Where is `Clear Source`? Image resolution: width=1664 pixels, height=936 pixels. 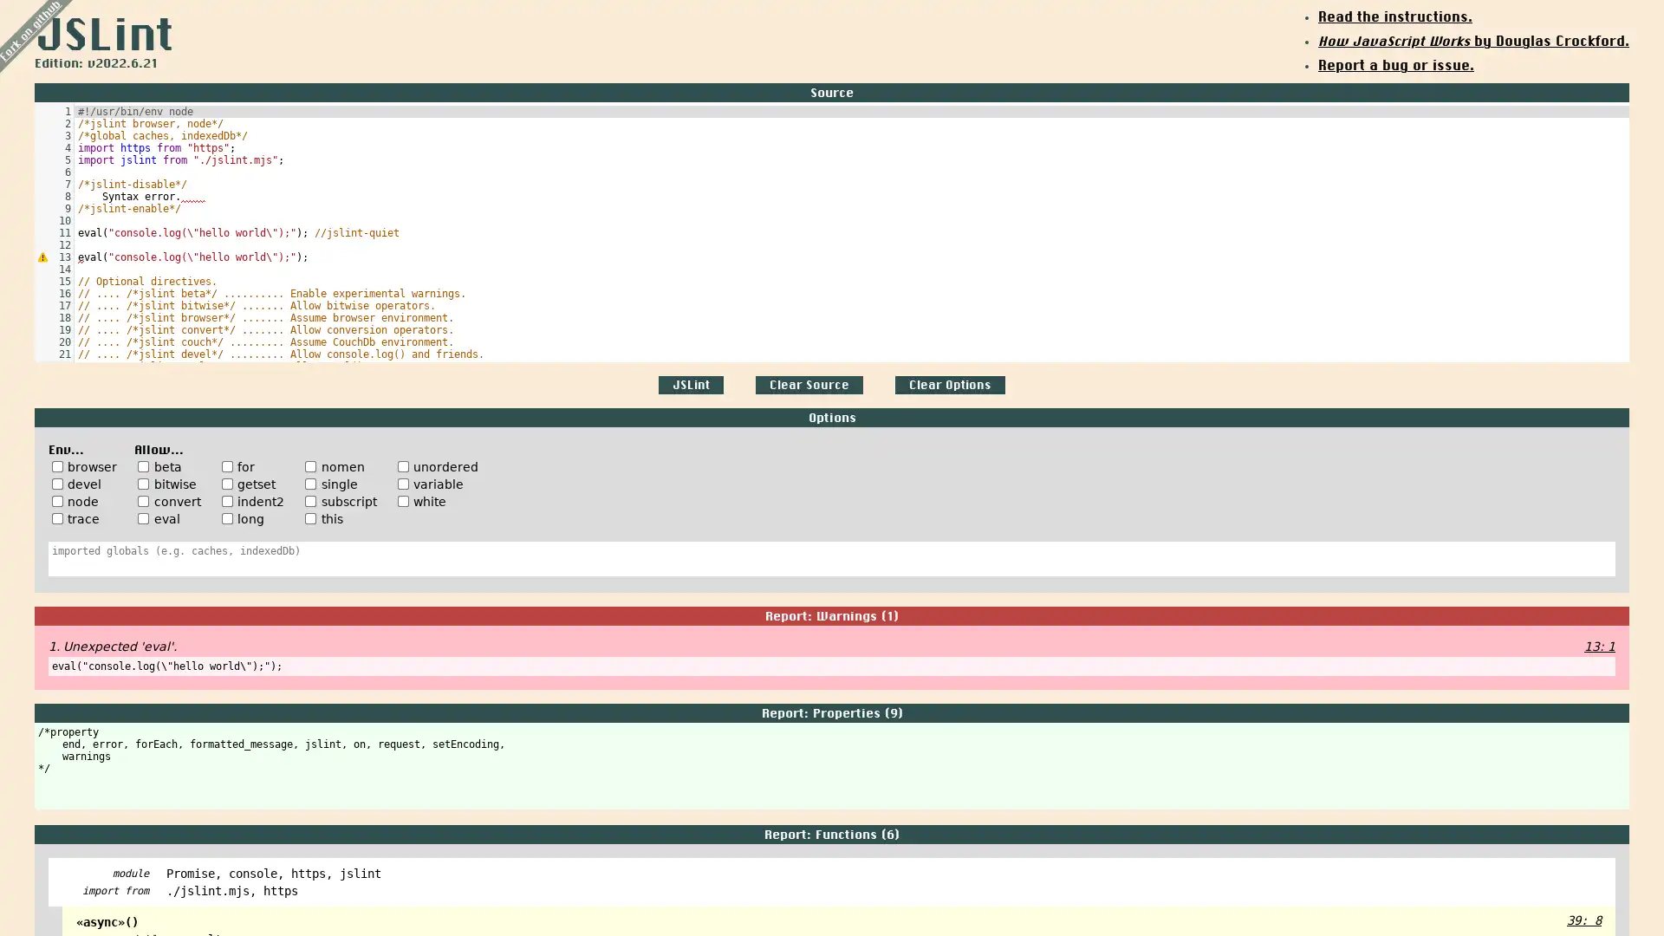
Clear Source is located at coordinates (809, 384).